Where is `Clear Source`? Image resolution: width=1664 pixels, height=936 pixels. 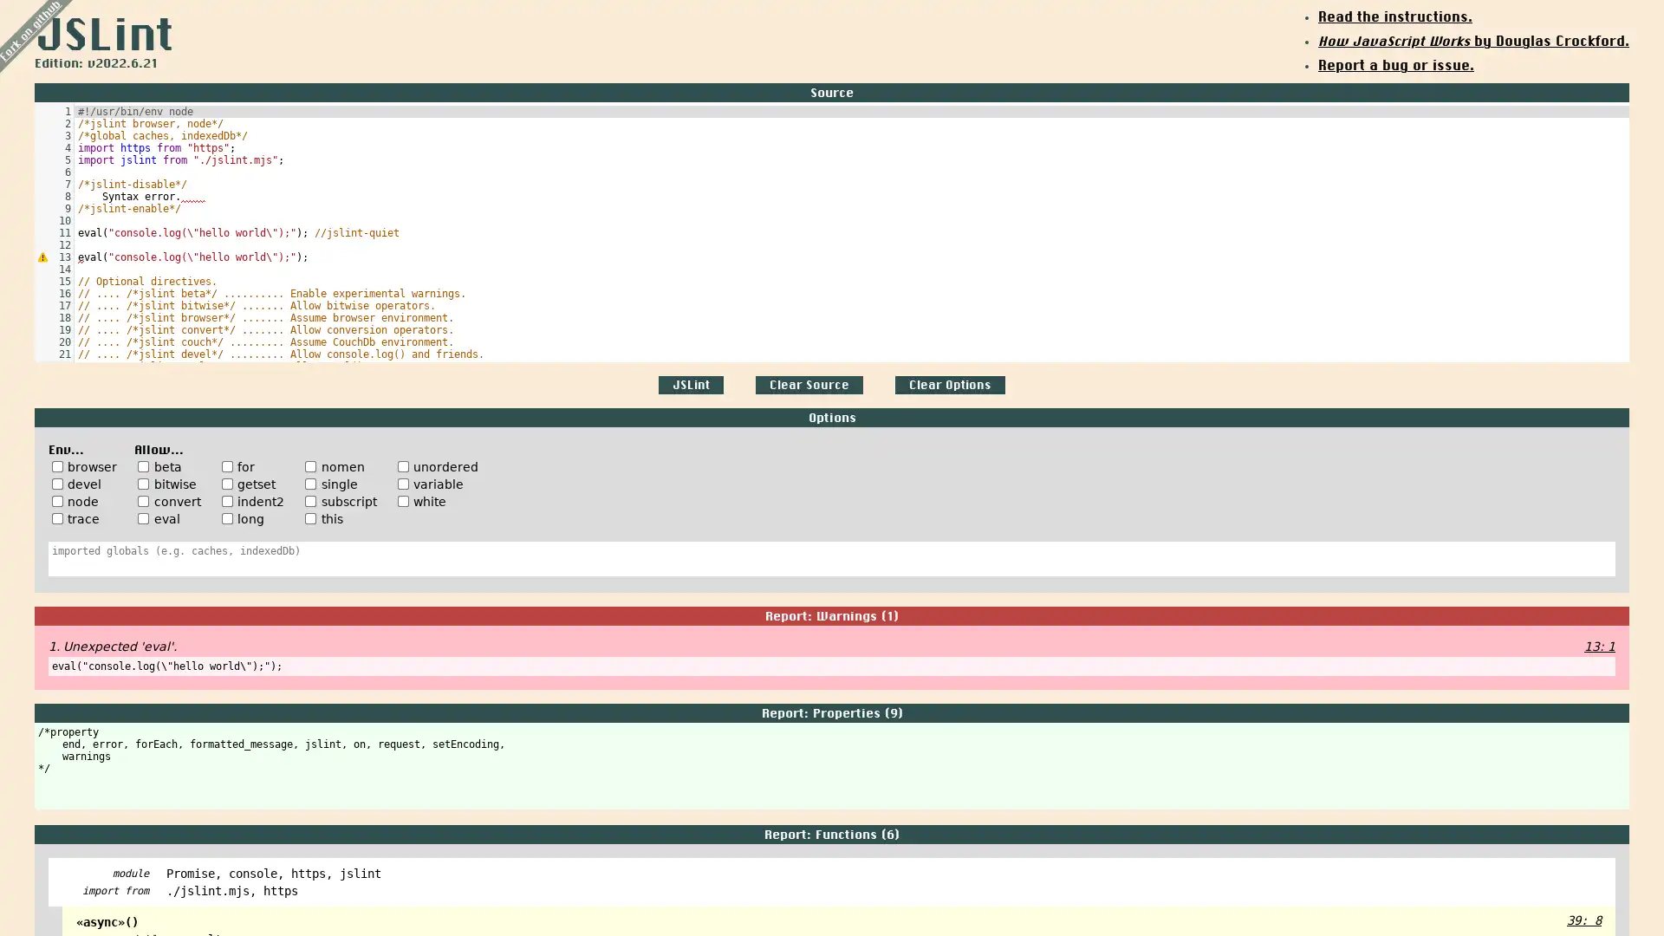
Clear Source is located at coordinates (809, 384).